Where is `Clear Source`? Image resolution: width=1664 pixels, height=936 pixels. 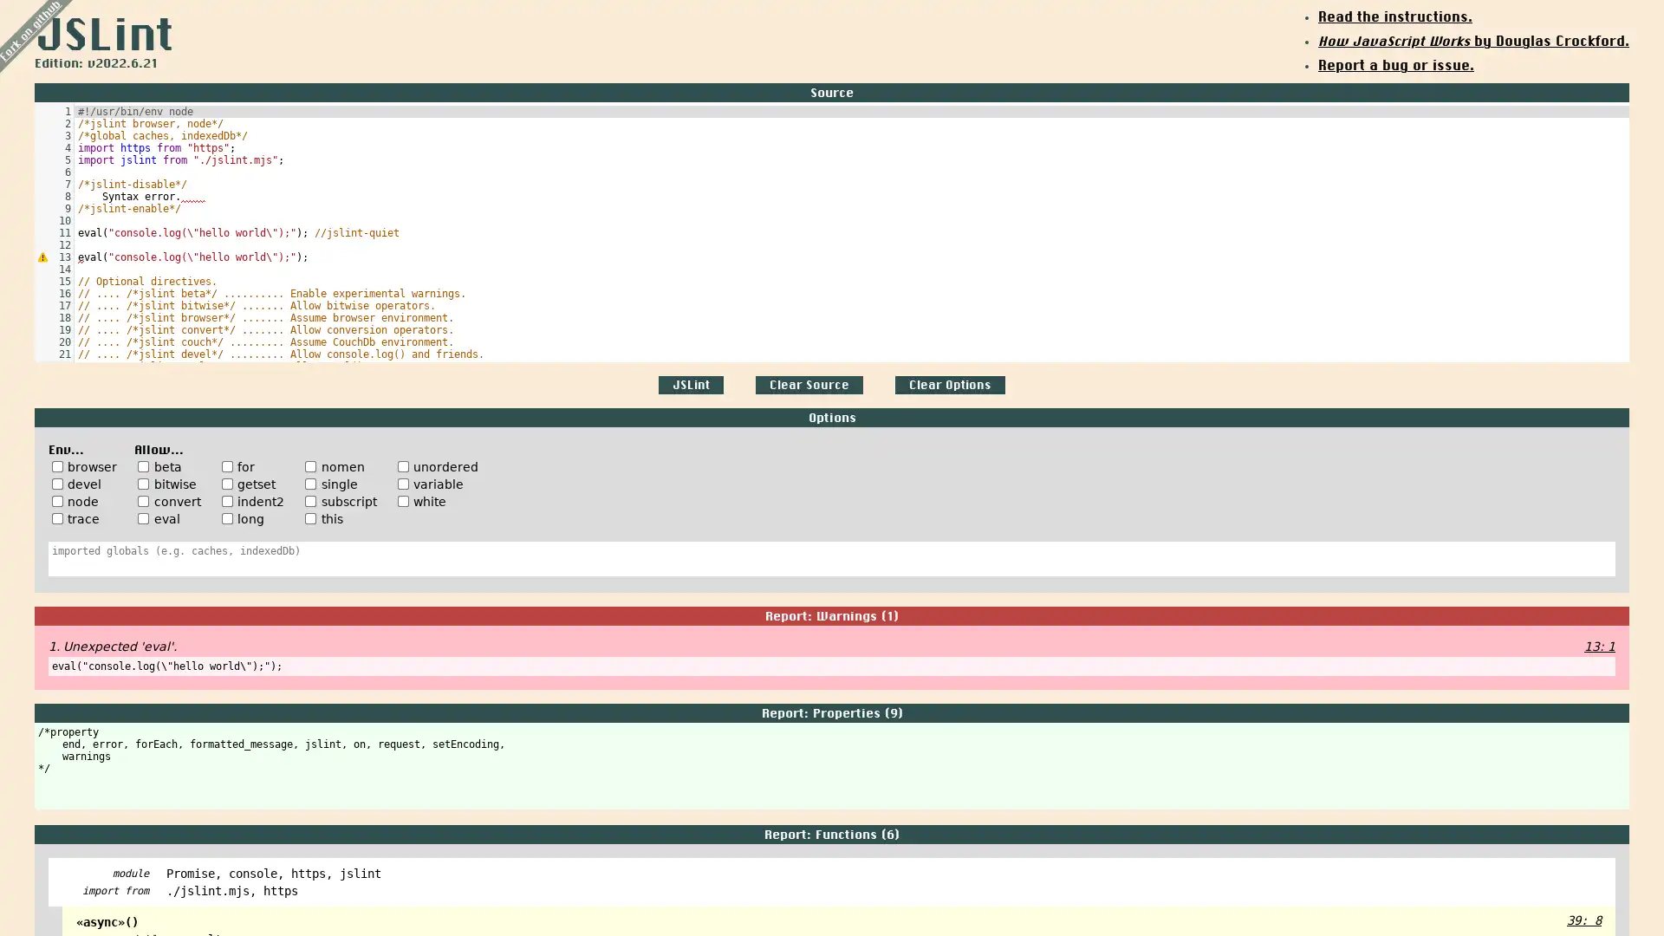
Clear Source is located at coordinates (809, 384).